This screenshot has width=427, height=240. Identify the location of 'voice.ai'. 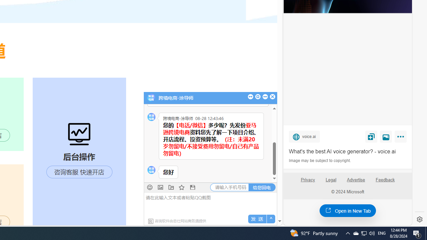
(304, 136).